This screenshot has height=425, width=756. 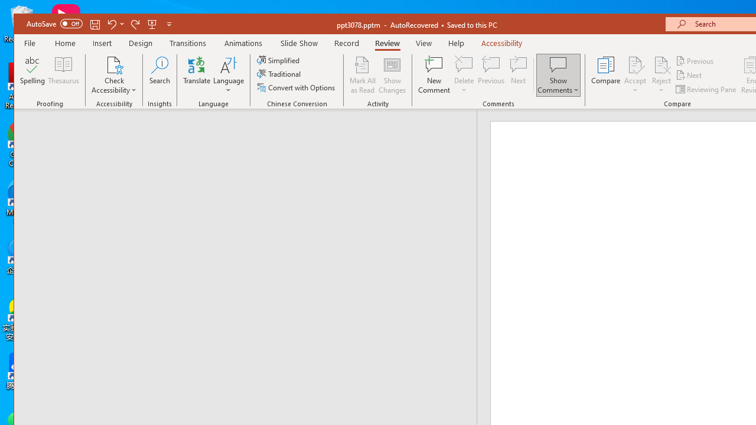 I want to click on 'Thesaurus...', so click(x=63, y=75).